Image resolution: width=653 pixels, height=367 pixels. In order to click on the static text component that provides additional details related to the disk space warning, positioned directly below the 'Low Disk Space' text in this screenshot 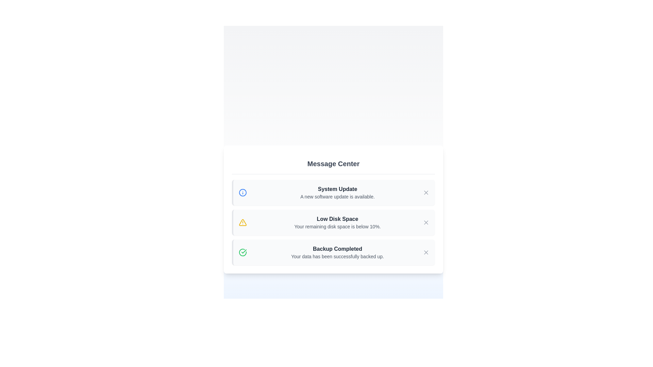, I will do `click(337, 226)`.